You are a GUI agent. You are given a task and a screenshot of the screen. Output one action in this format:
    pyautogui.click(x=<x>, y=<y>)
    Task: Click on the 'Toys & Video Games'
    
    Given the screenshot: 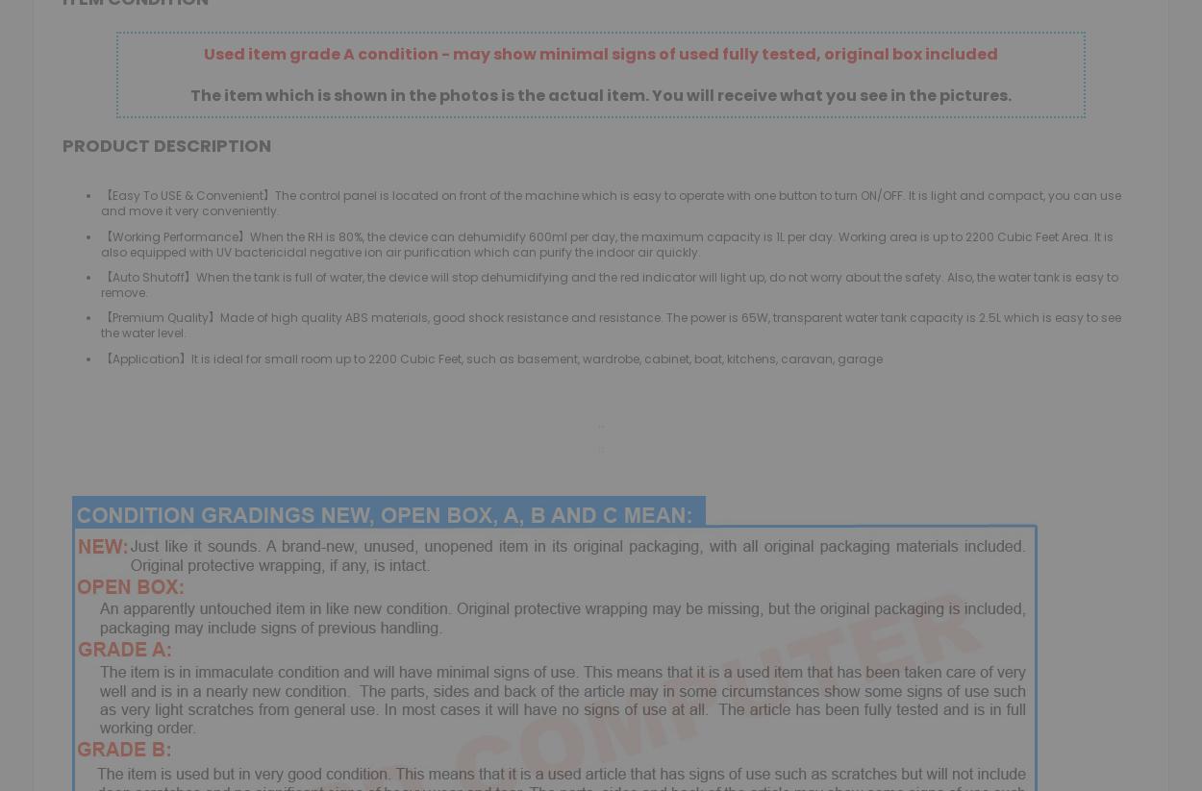 What is the action you would take?
    pyautogui.click(x=396, y=13)
    